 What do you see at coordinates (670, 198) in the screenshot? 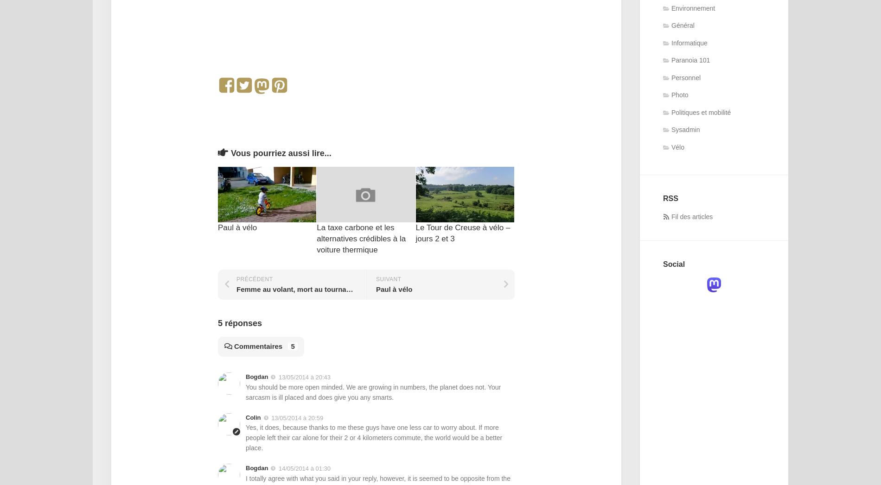
I see `'RSS'` at bounding box center [670, 198].